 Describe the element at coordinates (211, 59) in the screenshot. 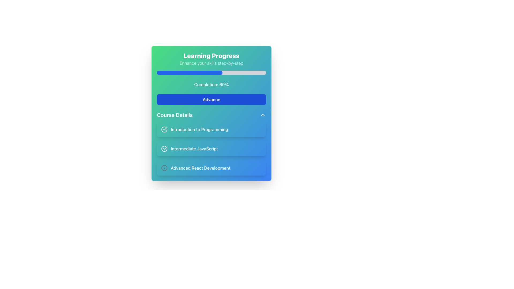

I see `the text block containing 'Learning Progress' and 'Enhance your skills step-by-step', which is centrally aligned within a rounded box with a gradient background` at that location.